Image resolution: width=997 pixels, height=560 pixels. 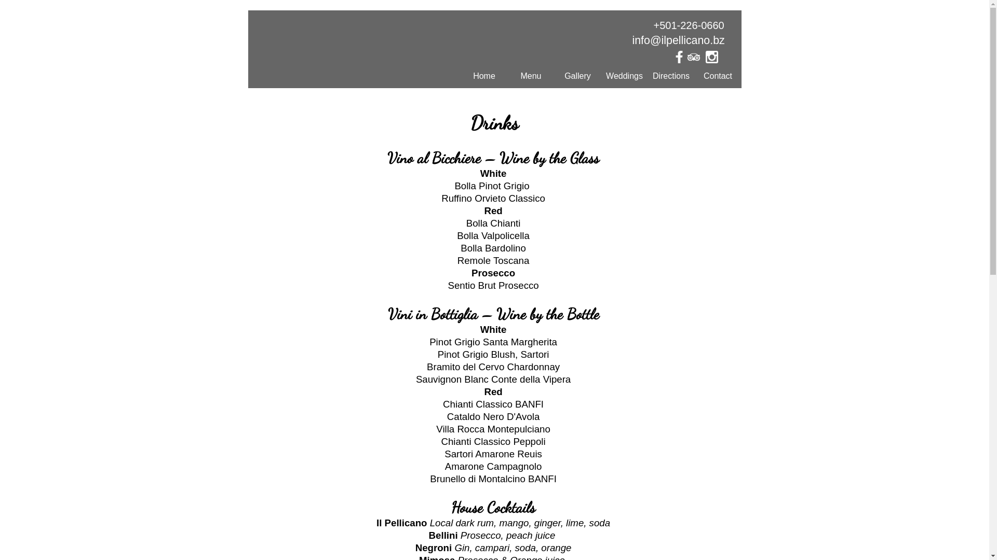 What do you see at coordinates (531, 75) in the screenshot?
I see `'Menu'` at bounding box center [531, 75].